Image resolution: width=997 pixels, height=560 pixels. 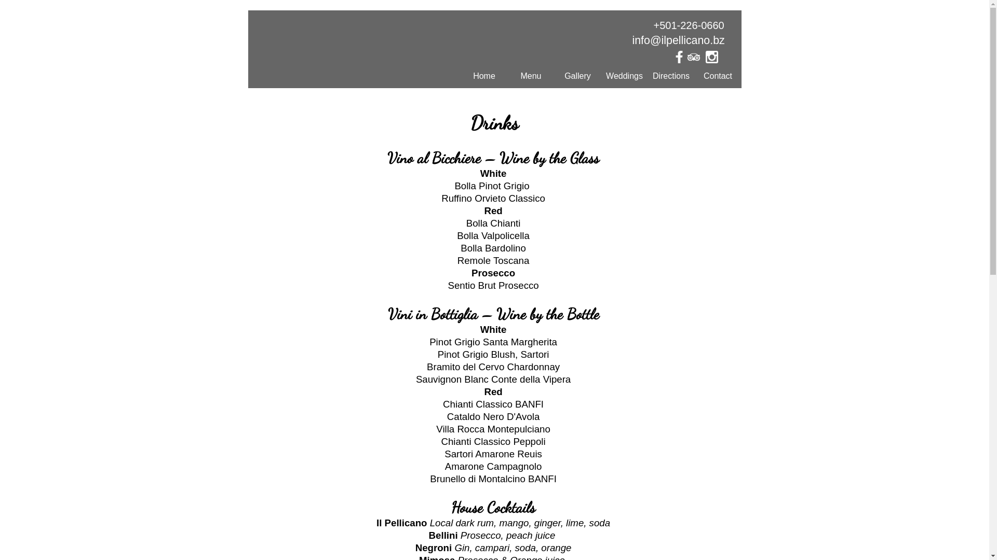 What do you see at coordinates (531, 75) in the screenshot?
I see `'Menu'` at bounding box center [531, 75].